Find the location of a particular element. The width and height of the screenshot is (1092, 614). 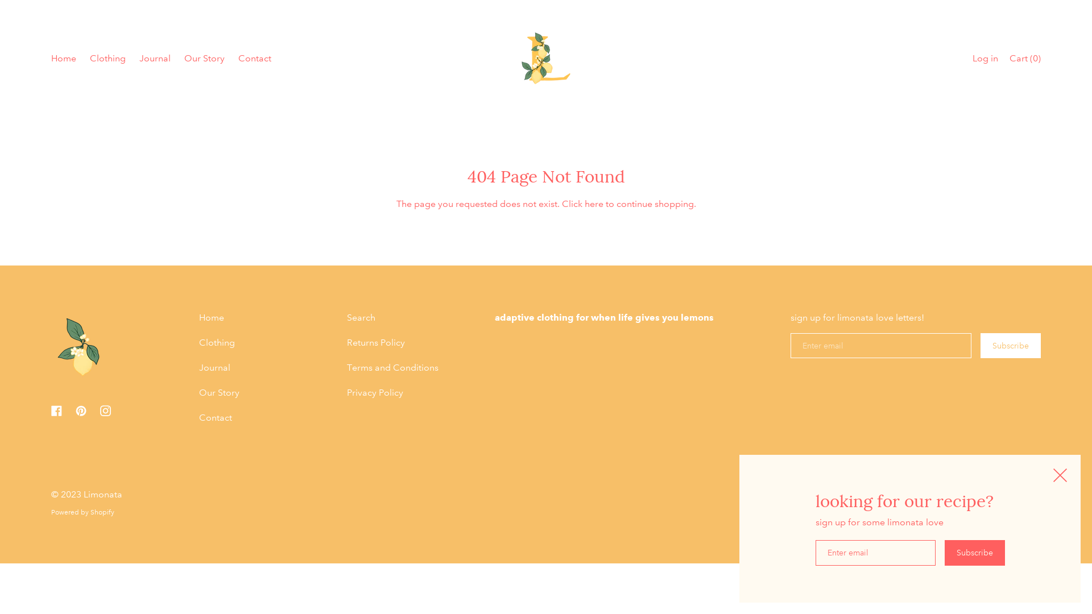

'Instagram' is located at coordinates (105, 410).